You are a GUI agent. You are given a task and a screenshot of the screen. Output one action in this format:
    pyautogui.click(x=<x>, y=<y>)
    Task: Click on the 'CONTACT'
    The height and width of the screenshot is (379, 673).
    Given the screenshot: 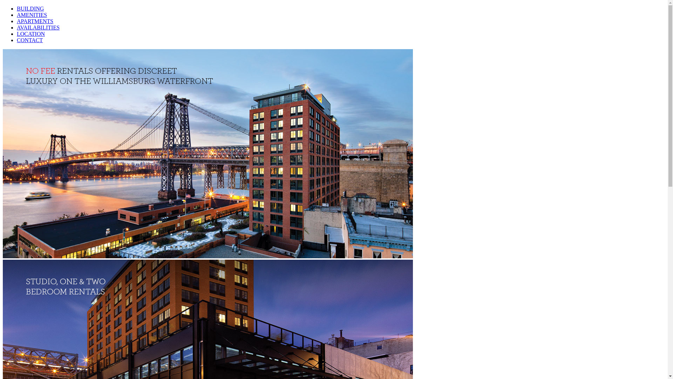 What is the action you would take?
    pyautogui.click(x=17, y=40)
    